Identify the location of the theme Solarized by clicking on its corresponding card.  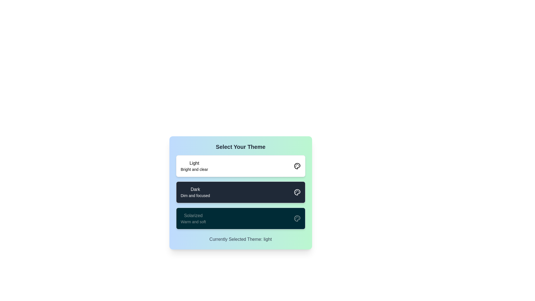
(240, 218).